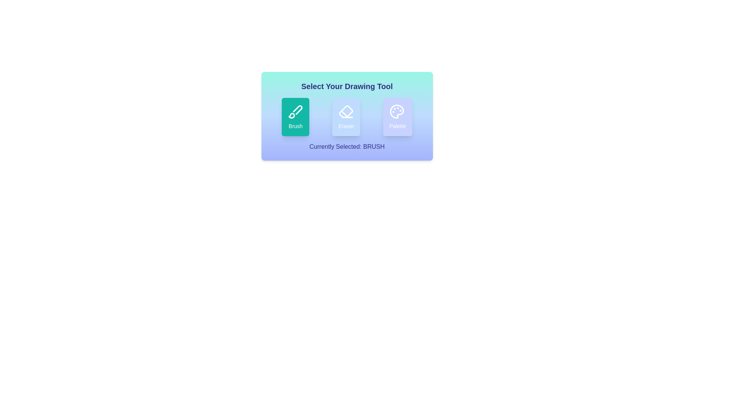 This screenshot has height=413, width=735. I want to click on the Palette button to see the hover animation, so click(397, 117).